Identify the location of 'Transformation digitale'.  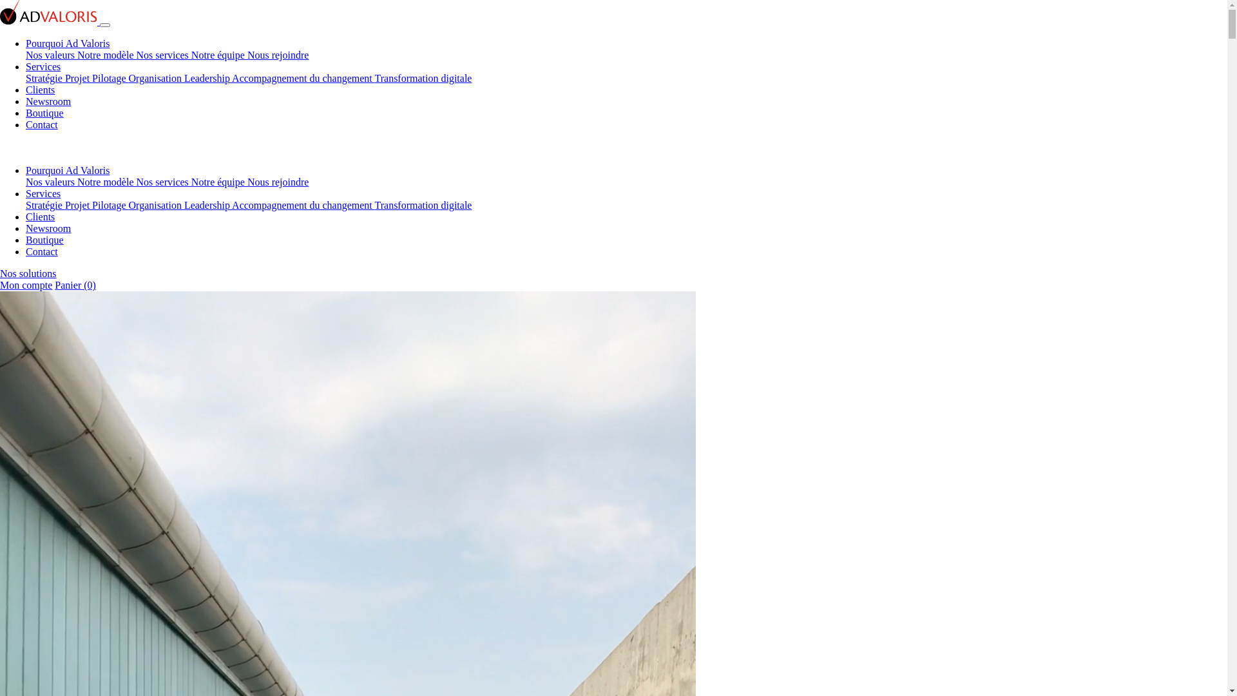
(423, 78).